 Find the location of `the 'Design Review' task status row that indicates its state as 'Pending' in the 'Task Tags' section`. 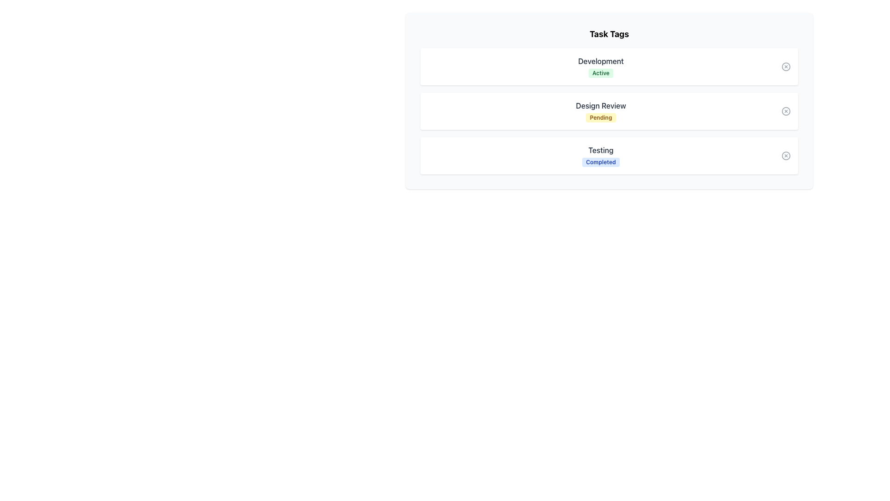

the 'Design Review' task status row that indicates its state as 'Pending' in the 'Task Tags' section is located at coordinates (609, 110).